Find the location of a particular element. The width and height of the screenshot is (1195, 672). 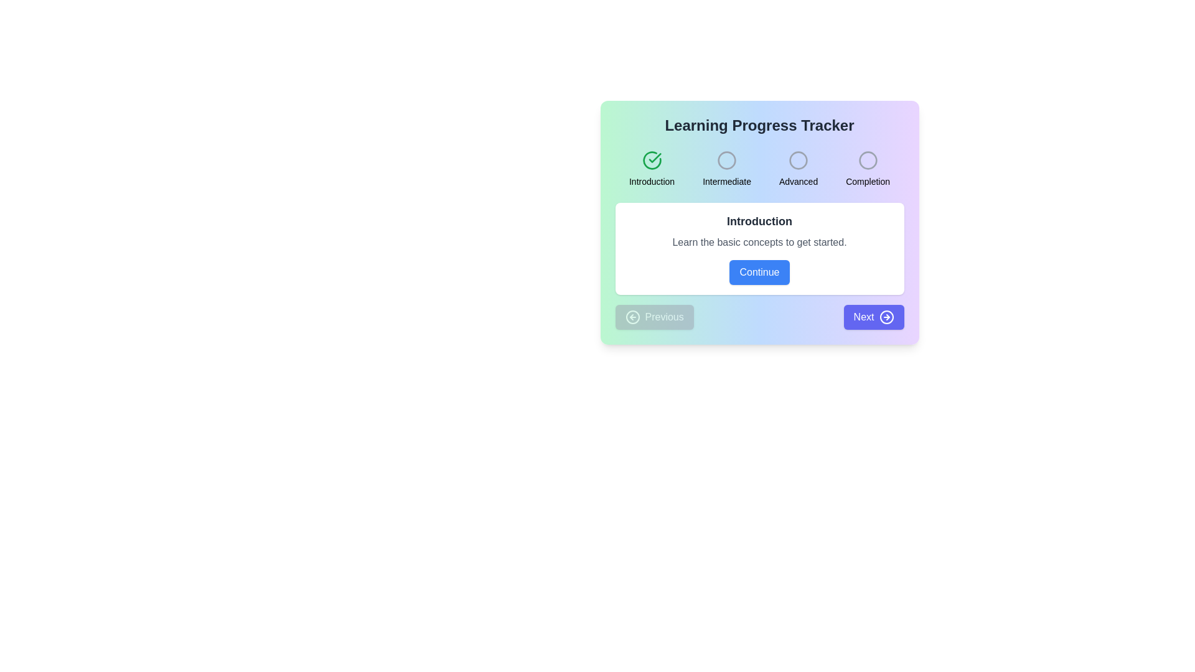

the 'Advanced' progress step label in the Learning Progress Tracker, which is positioned between the 'Intermediate' and 'Completion' labels is located at coordinates (799, 182).